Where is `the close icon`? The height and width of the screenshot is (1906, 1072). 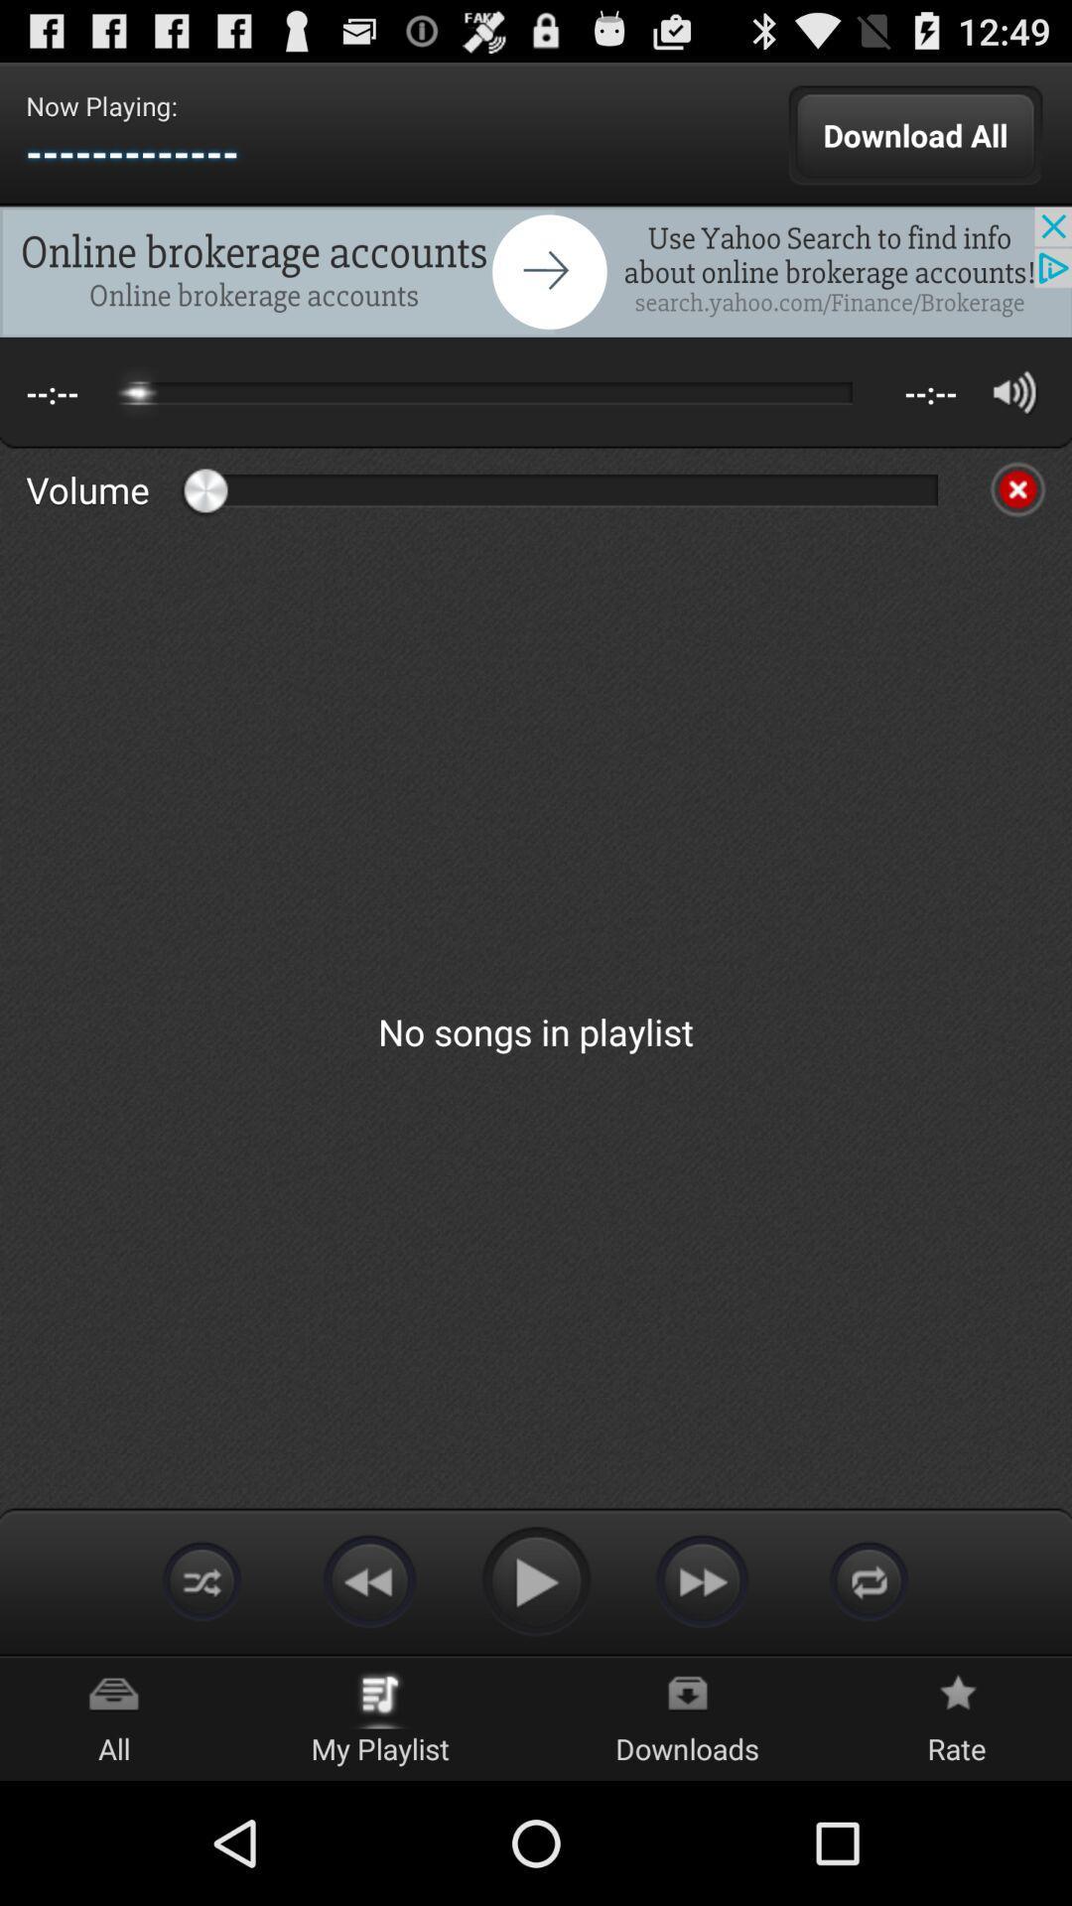
the close icon is located at coordinates (1017, 523).